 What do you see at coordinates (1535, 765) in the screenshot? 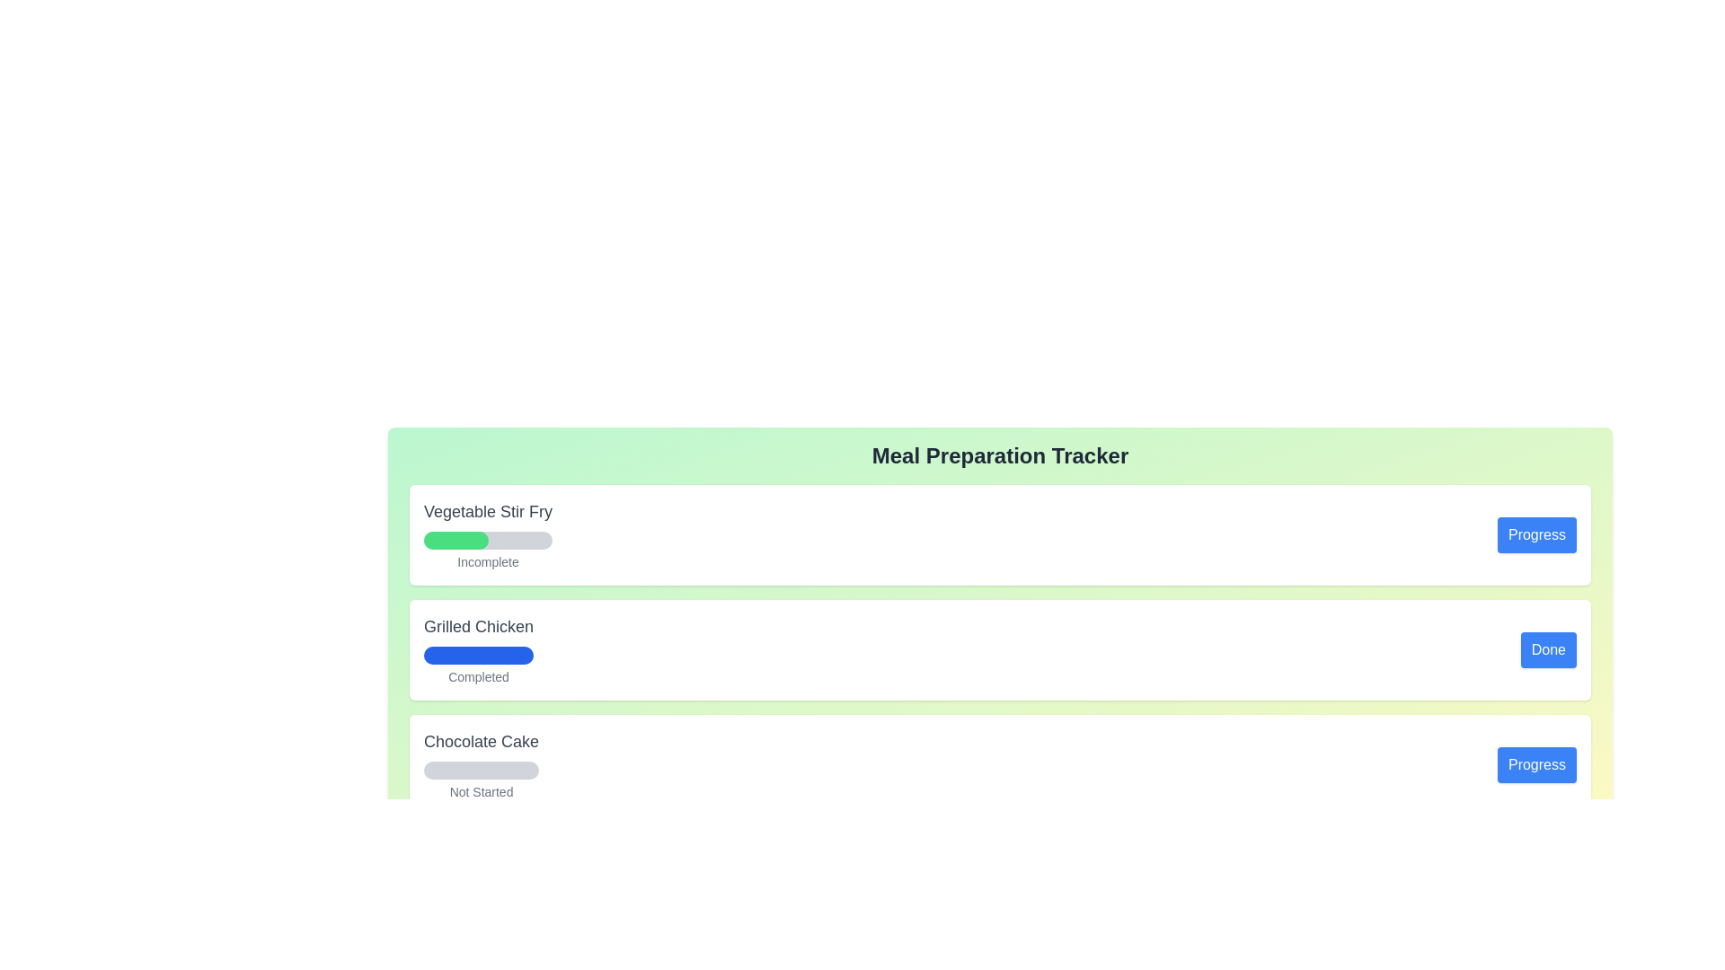
I see `the 'Progress' button` at bounding box center [1535, 765].